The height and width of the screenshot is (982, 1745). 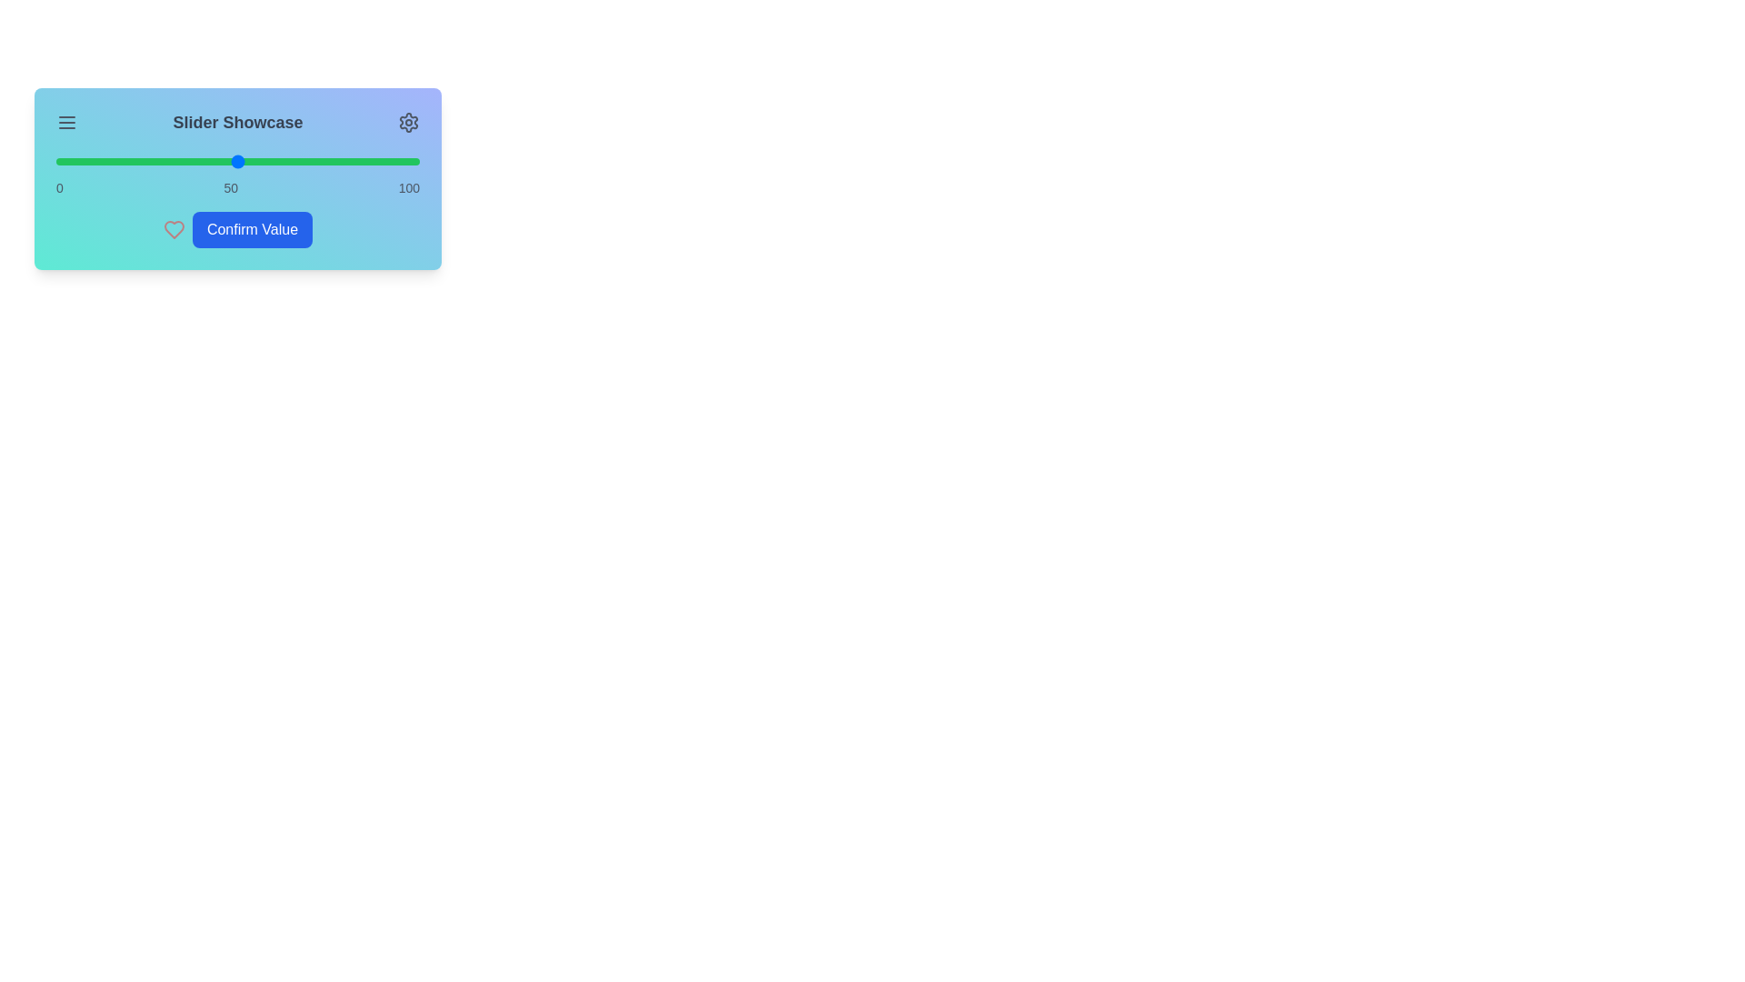 I want to click on the slider to 52%, so click(x=244, y=160).